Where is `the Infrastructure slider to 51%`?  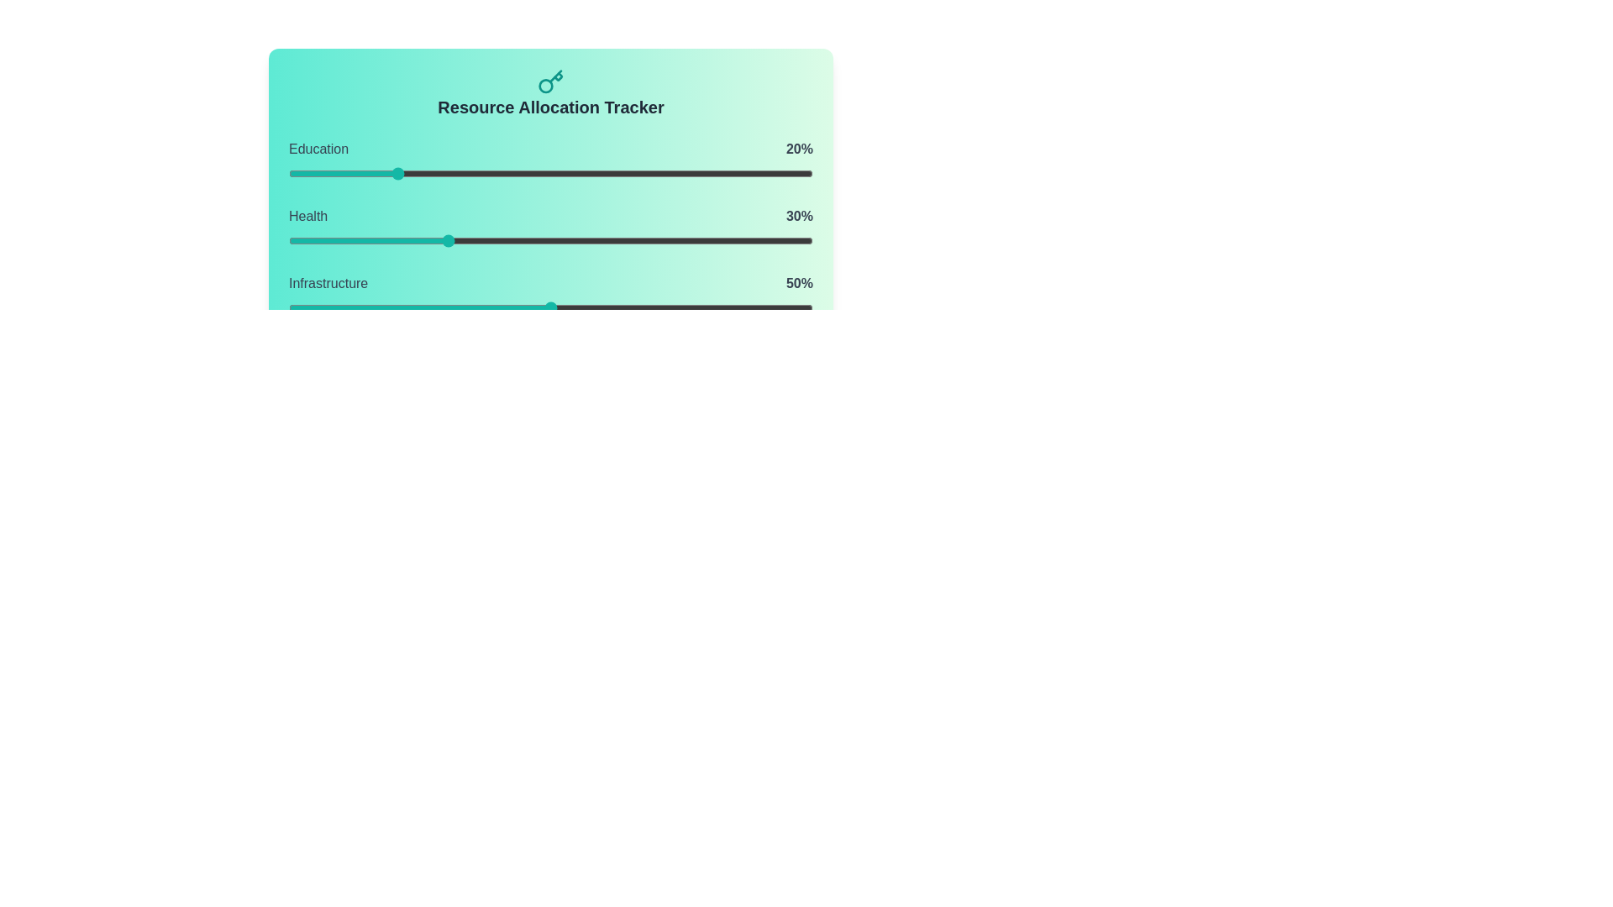 the Infrastructure slider to 51% is located at coordinates (556, 307).